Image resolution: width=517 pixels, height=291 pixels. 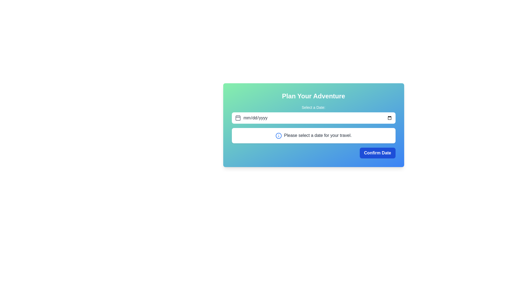 I want to click on the confirm button located at the bottom-right corner of the dialog box to confirm the selected date, so click(x=377, y=153).